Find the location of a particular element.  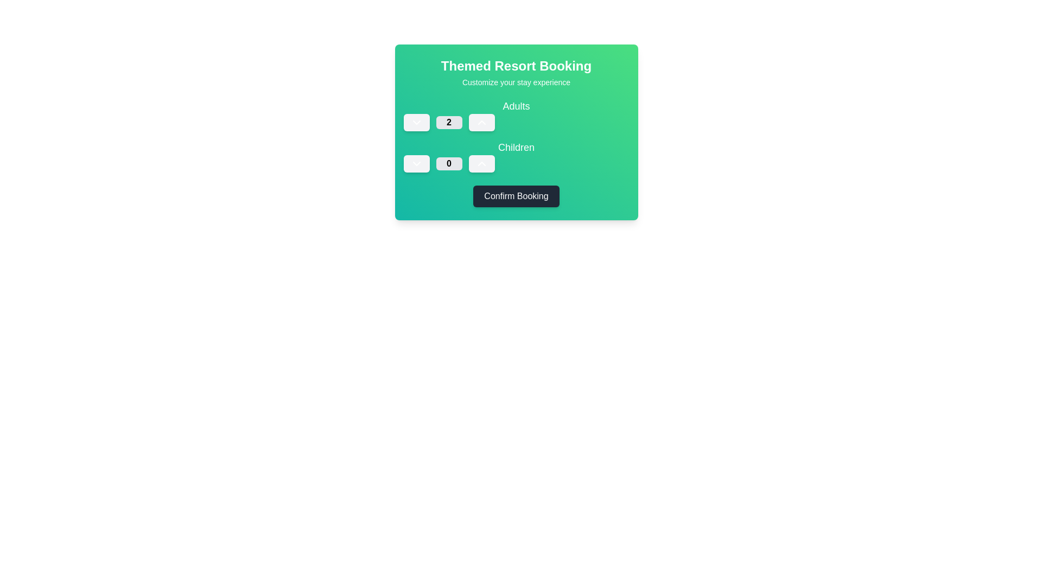

the Text label that indicates the section for specifying the number of children, located below the 'Adults' section and above the 'Confirm Booking' button is located at coordinates (516, 156).